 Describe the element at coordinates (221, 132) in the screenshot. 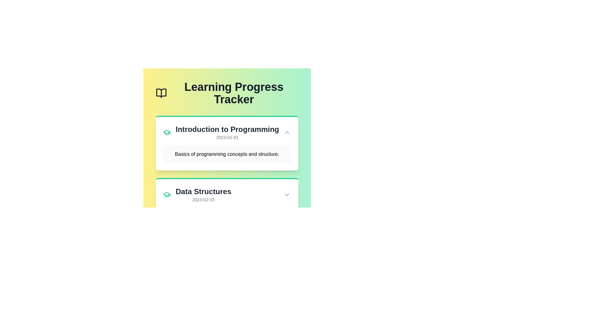

I see `the list item labeled 'Introduction to Programming' with a green graduation cap icon` at that location.